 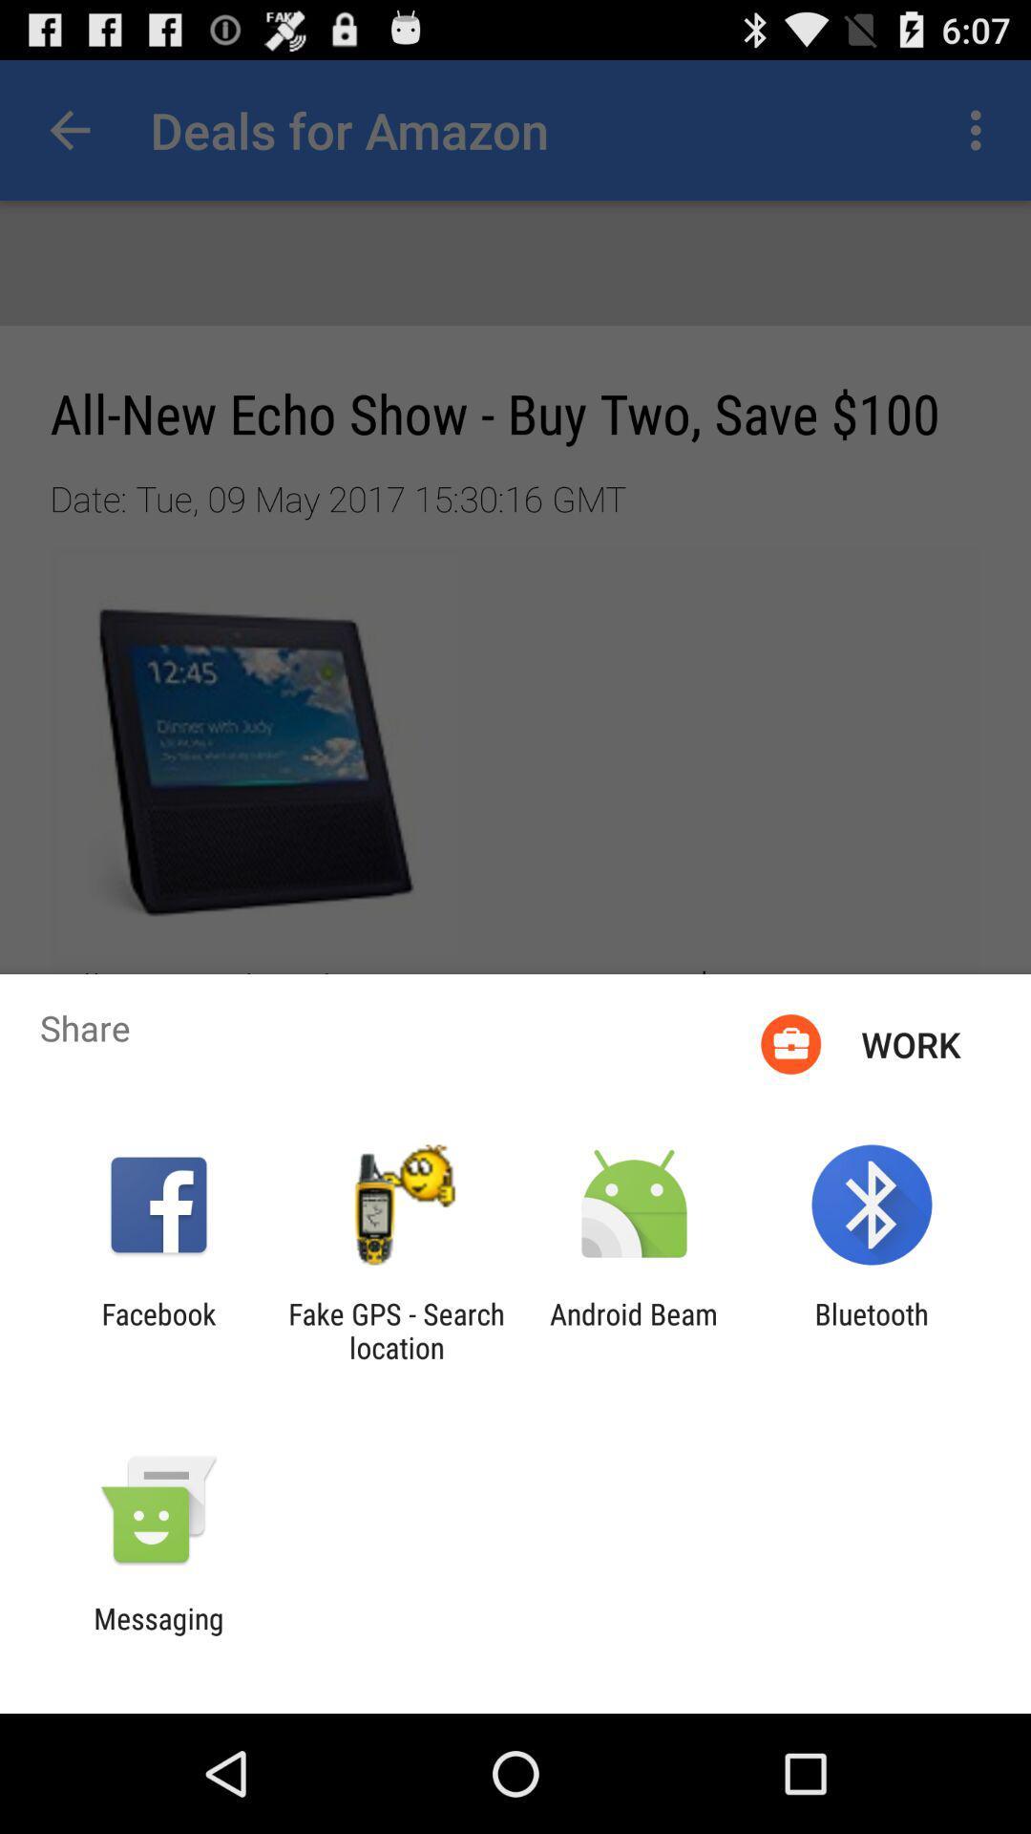 I want to click on app next to the bluetooth app, so click(x=634, y=1330).